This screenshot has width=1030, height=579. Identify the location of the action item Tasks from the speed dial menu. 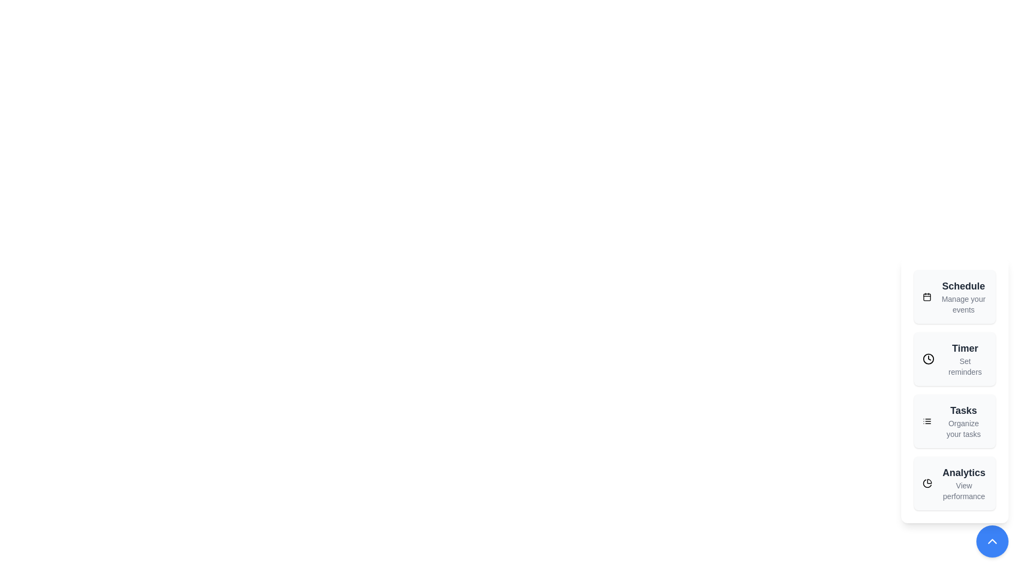
(955, 421).